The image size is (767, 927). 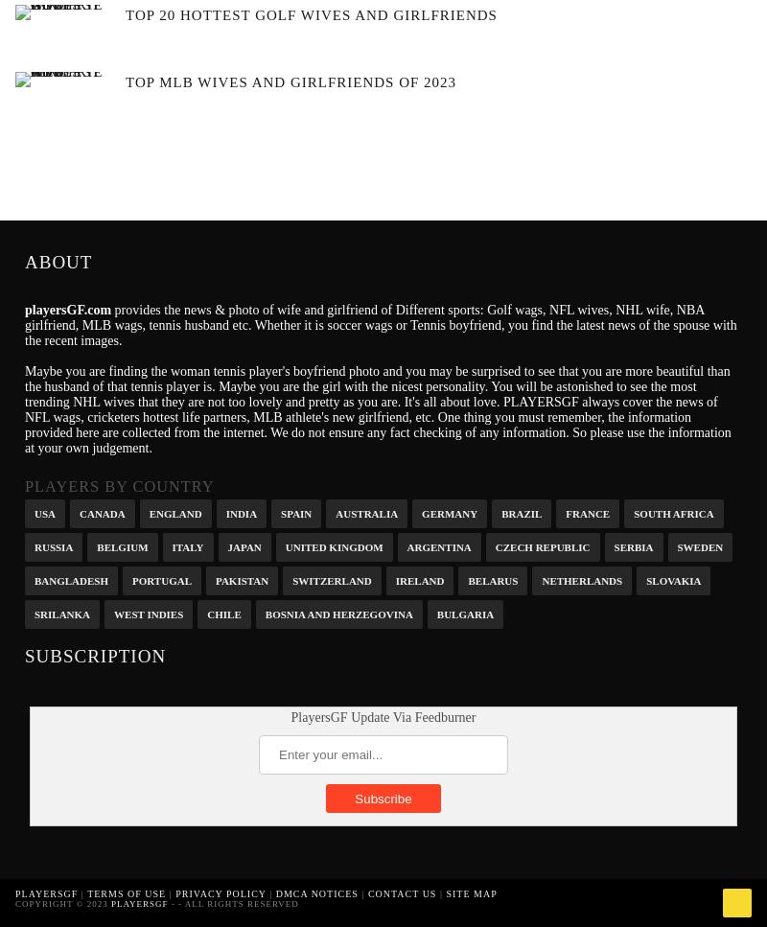 What do you see at coordinates (379, 324) in the screenshot?
I see `'provides the news & photo of wife and girlfriend of Different sports: Golf wags, NFL wives, NHL wife, NBA girlfriend, MLB wags, tennis husband etc. Whether it is soccer wags or Tennis boyfriend, you find the latest news of the spouse with the recent images.'` at bounding box center [379, 324].